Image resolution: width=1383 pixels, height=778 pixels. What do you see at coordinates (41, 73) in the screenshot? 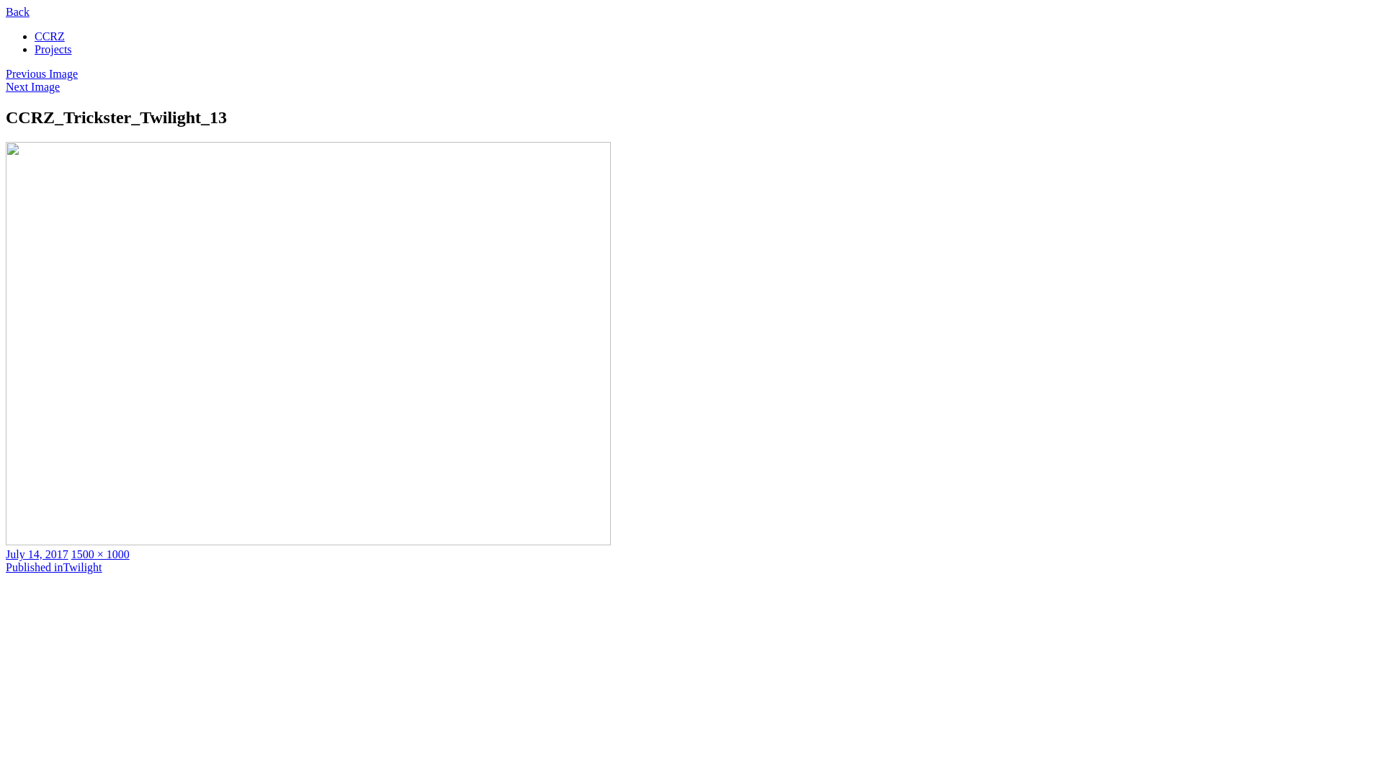
I see `'Previous Image'` at bounding box center [41, 73].